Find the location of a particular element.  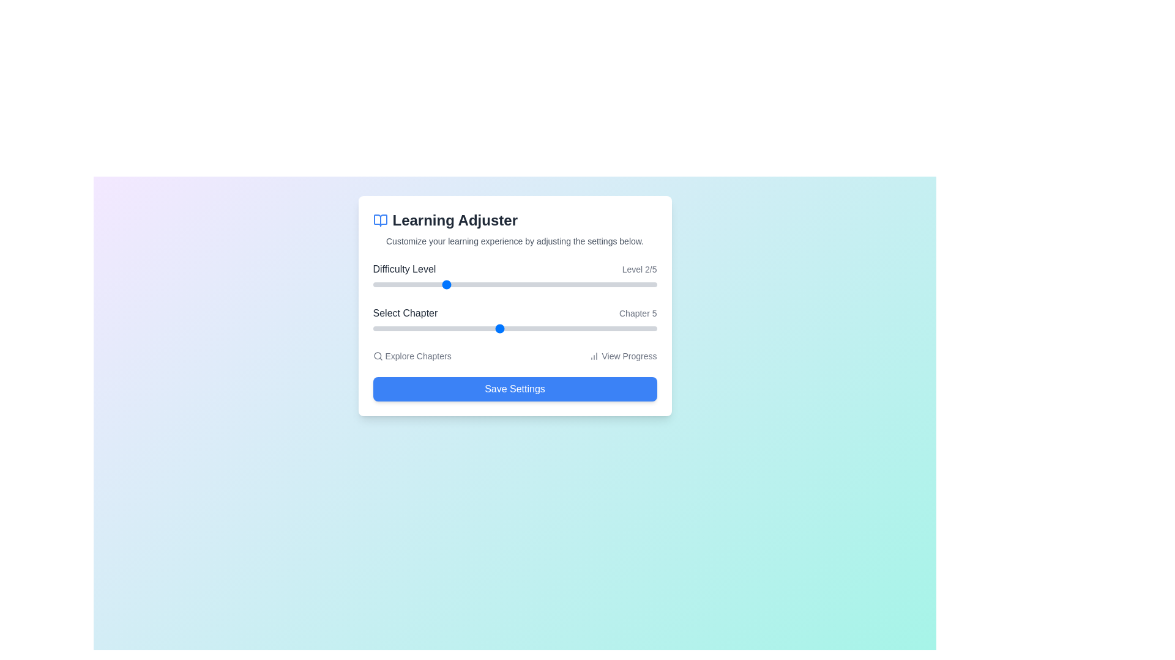

the label with an icon located in the bottom-right corner of the 'Learning Adjuster' panel, which serves as a navigational link is located at coordinates (623, 356).